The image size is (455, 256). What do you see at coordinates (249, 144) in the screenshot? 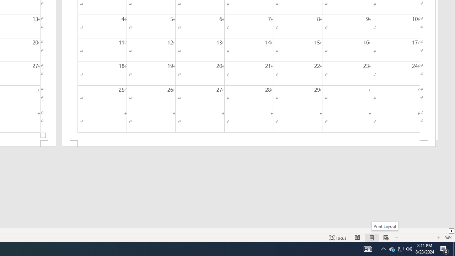
I see `'Footer -Section 2-'` at bounding box center [249, 144].